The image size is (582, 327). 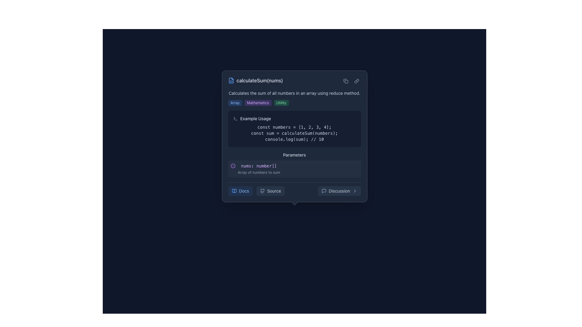 I want to click on the text label within the button that activates the associated function for navigation to the discussion forum, so click(x=339, y=191).